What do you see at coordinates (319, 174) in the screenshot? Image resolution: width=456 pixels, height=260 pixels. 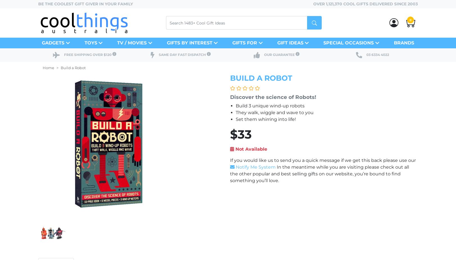 I see `'In the meantime while you are visiting please check out all the other popular and best selling gifts on our website, you’re bound to find something you’ll love.'` at bounding box center [319, 174].